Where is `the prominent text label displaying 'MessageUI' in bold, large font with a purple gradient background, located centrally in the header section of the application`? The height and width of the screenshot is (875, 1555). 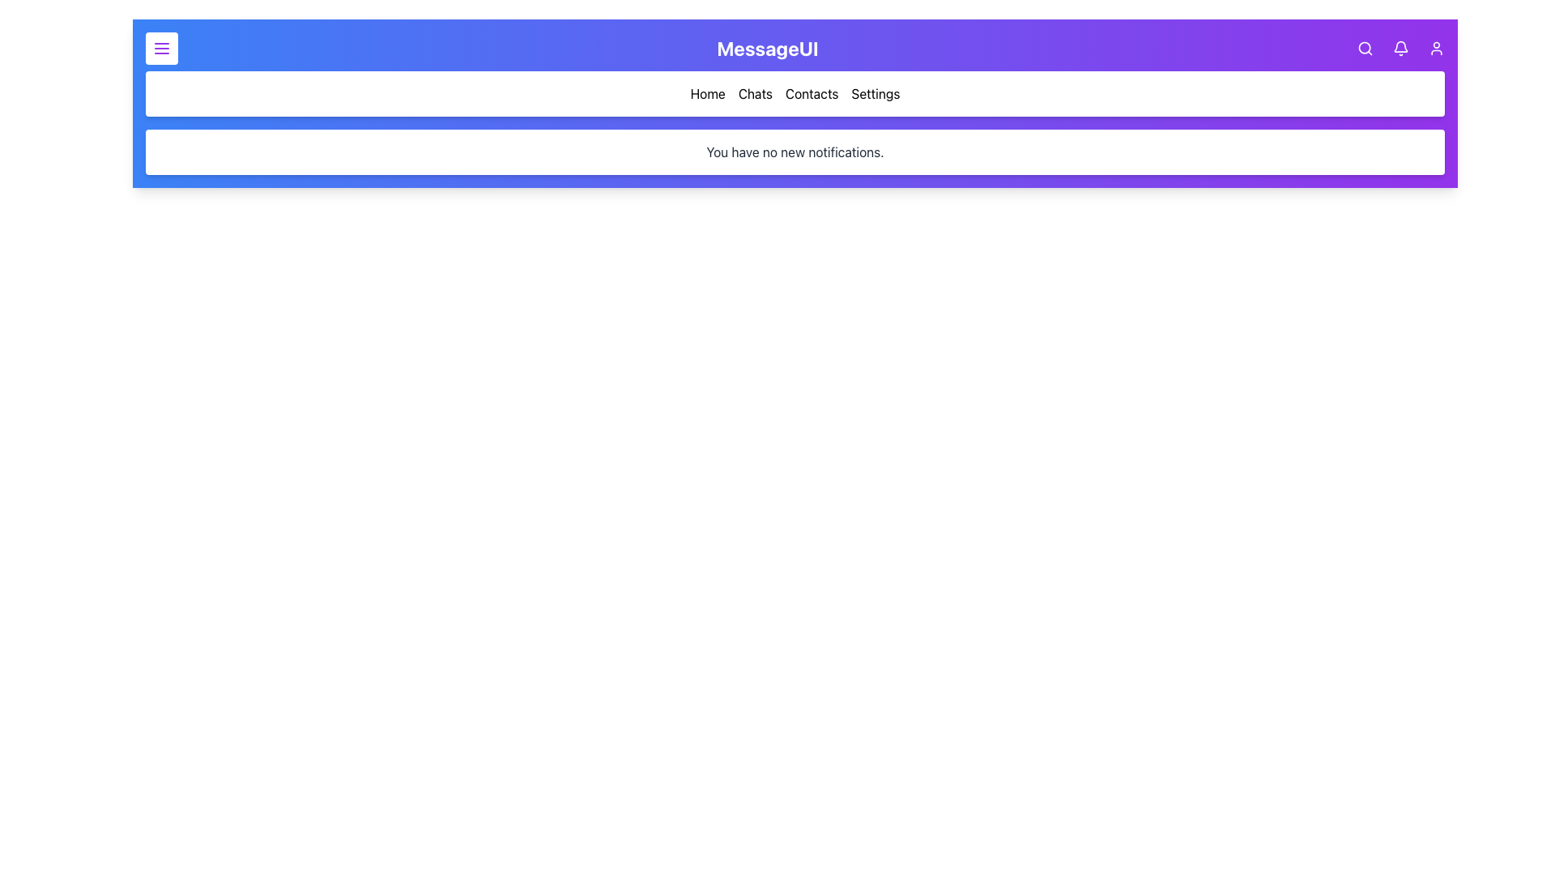 the prominent text label displaying 'MessageUI' in bold, large font with a purple gradient background, located centrally in the header section of the application is located at coordinates (766, 48).